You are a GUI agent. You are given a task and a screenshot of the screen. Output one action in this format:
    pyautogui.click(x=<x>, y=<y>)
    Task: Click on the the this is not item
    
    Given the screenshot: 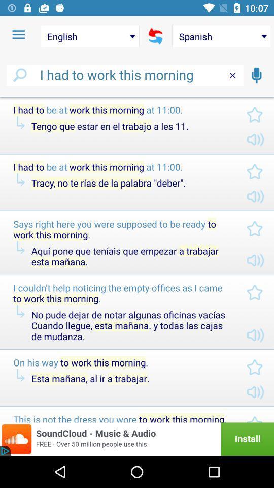 What is the action you would take?
    pyautogui.click(x=121, y=418)
    